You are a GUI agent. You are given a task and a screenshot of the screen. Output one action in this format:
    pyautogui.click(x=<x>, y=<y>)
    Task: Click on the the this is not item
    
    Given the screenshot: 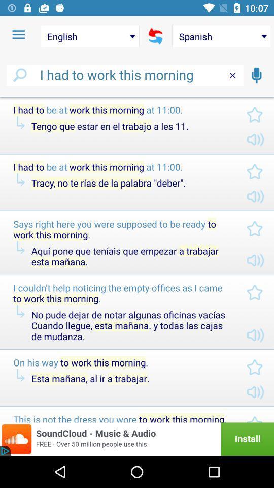 What is the action you would take?
    pyautogui.click(x=121, y=418)
    